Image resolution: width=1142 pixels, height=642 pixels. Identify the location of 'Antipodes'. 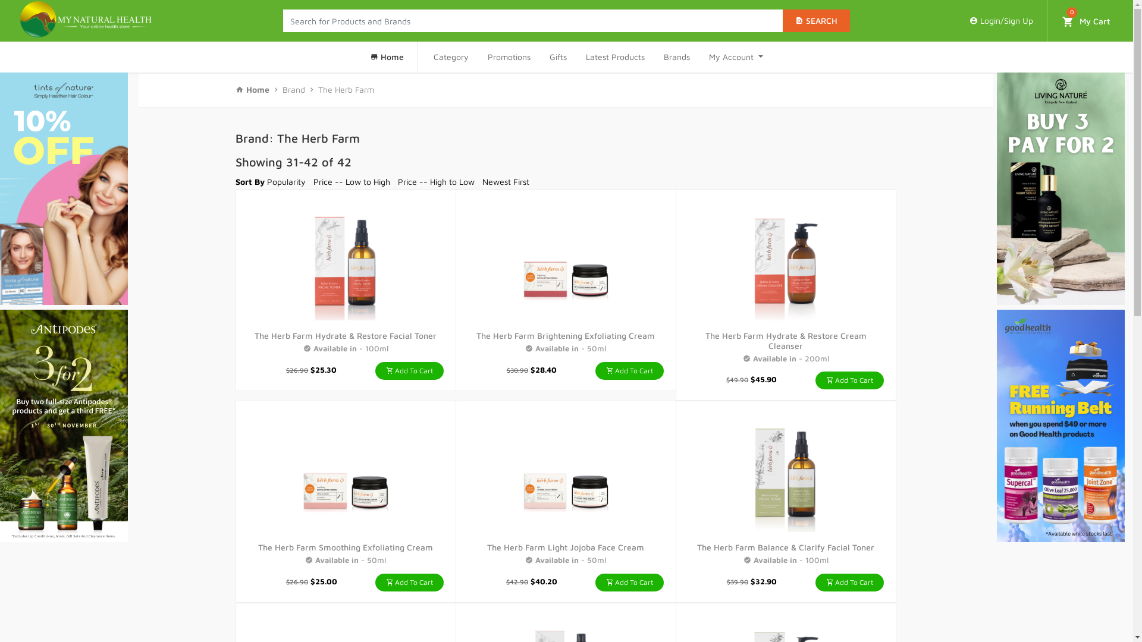
(63, 425).